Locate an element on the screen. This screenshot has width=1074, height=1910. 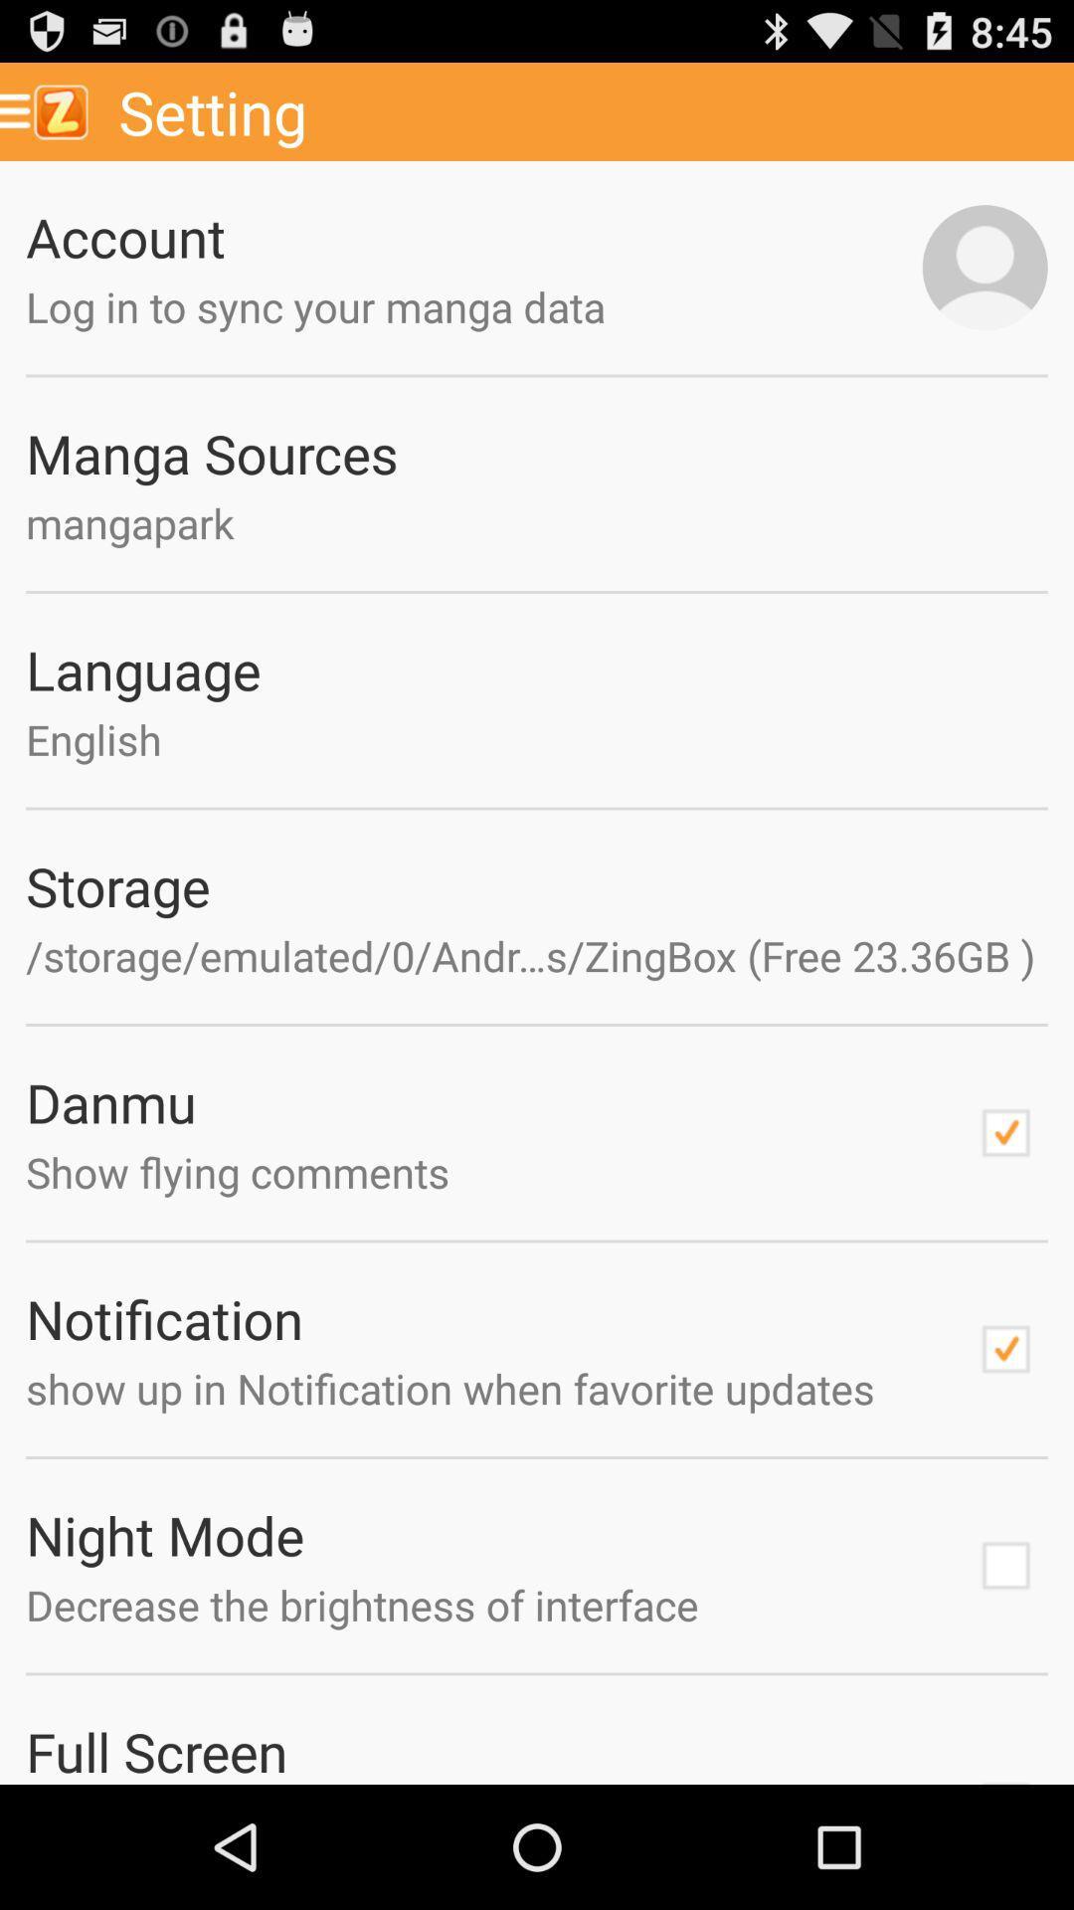
switch damnu option is located at coordinates (1005, 1133).